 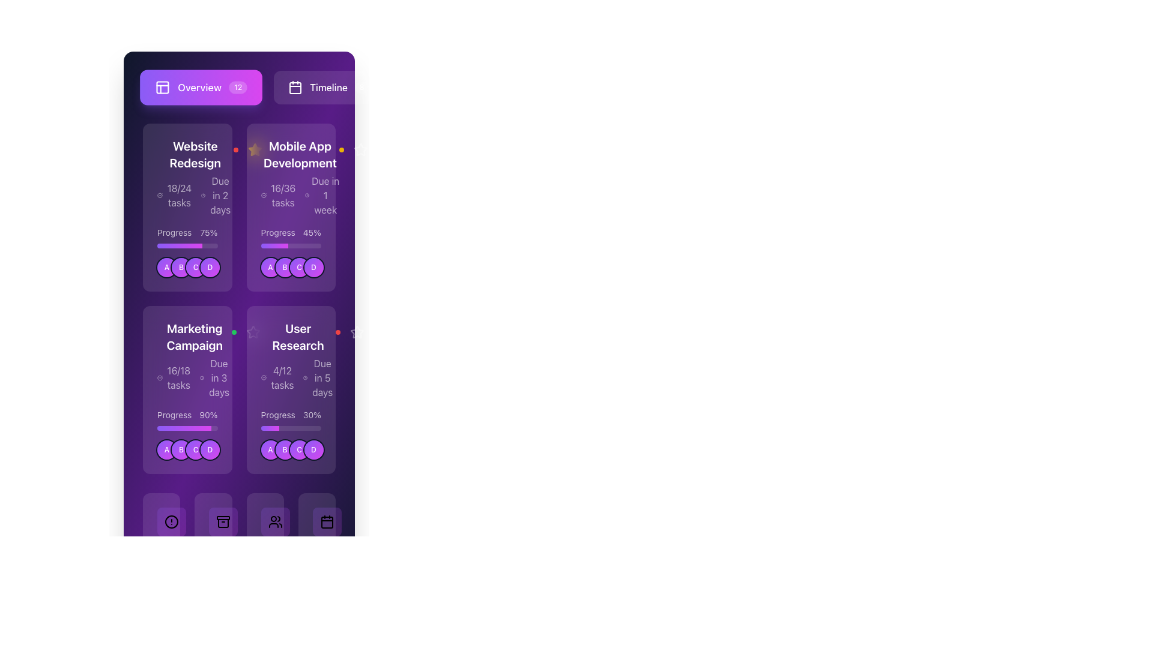 I want to click on the Decorative bar element, which is a small horizontal rectangle with rounded corners, located at the lower portion of the interface, second from the left among similar items, so click(x=223, y=517).